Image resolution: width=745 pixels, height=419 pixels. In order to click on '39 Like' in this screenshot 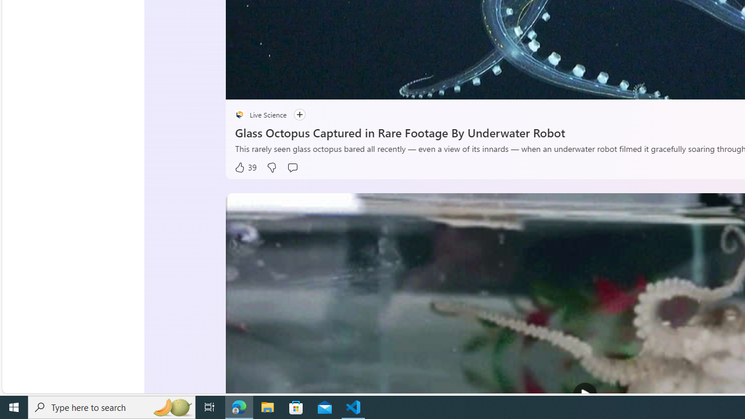, I will do `click(245, 168)`.